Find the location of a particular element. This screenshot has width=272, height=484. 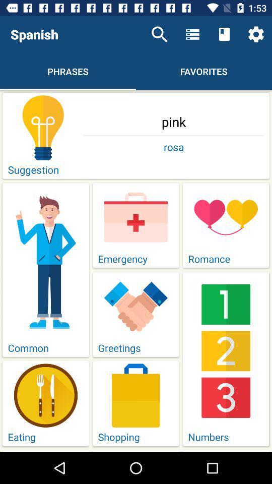

the image which is above suggestion is located at coordinates (43, 127).